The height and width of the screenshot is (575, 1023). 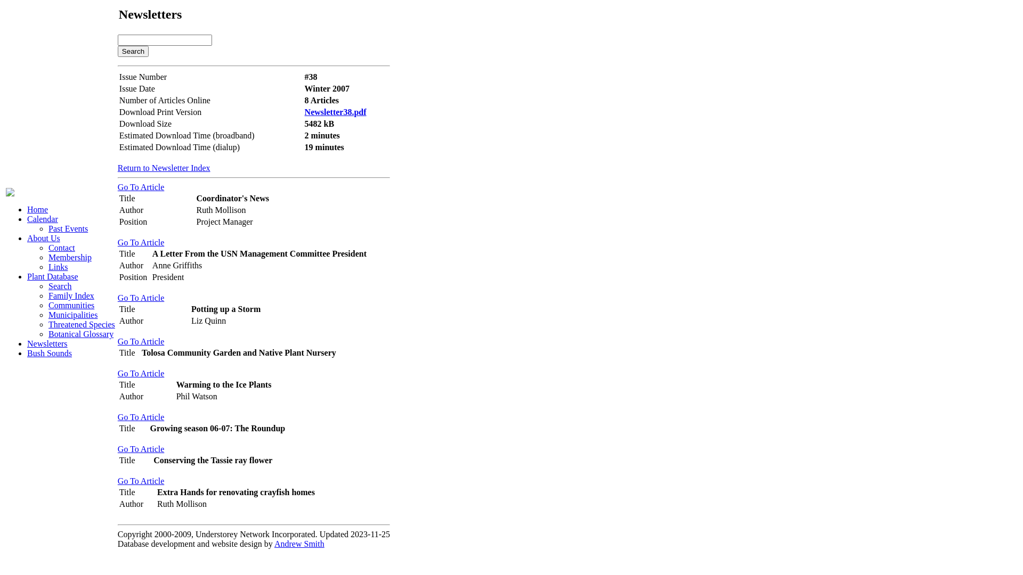 I want to click on 'Membership', so click(x=69, y=257).